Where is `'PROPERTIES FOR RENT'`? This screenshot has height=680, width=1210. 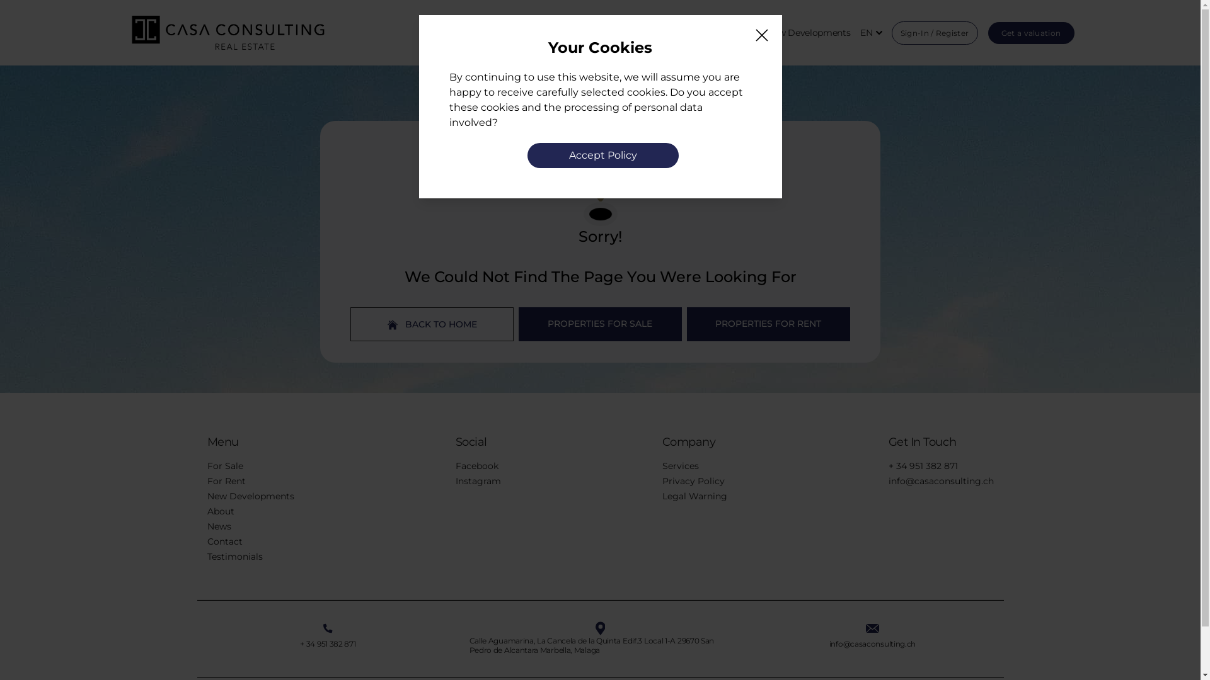
'PROPERTIES FOR RENT' is located at coordinates (768, 324).